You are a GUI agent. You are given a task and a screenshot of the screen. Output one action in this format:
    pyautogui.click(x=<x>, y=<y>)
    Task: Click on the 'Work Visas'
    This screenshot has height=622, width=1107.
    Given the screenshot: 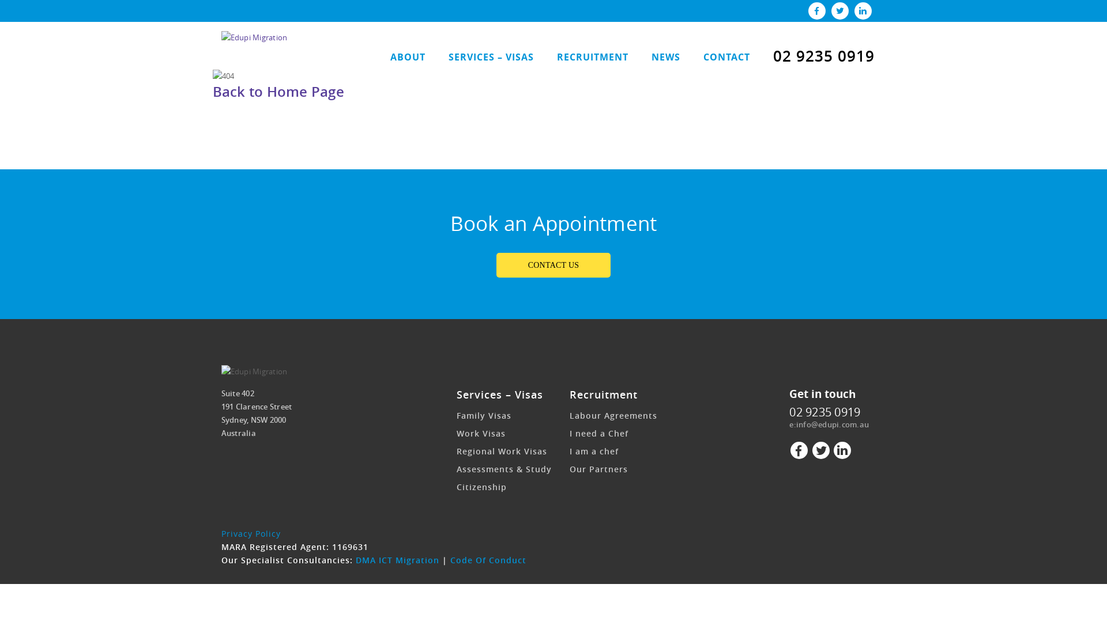 What is the action you would take?
    pyautogui.click(x=481, y=433)
    